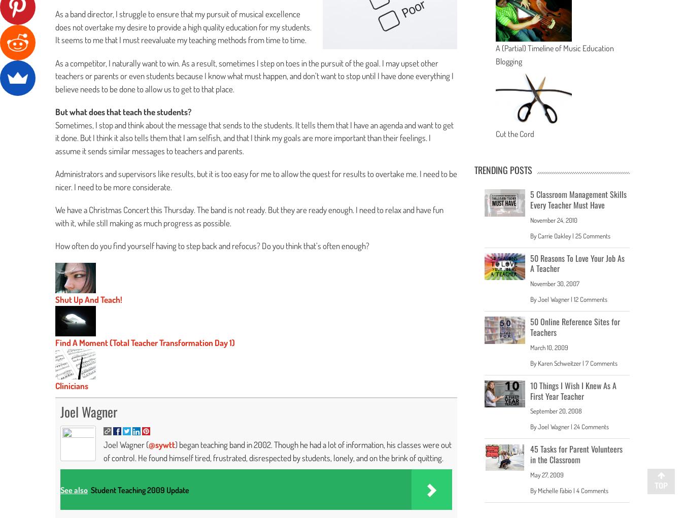 The width and height of the screenshot is (685, 518). What do you see at coordinates (54, 215) in the screenshot?
I see `'We have a Christmas Concert this Thursday. The band is not ready. But they are ready enough. I need to relax and have fun with it, while still making as much progress as possible.'` at bounding box center [54, 215].